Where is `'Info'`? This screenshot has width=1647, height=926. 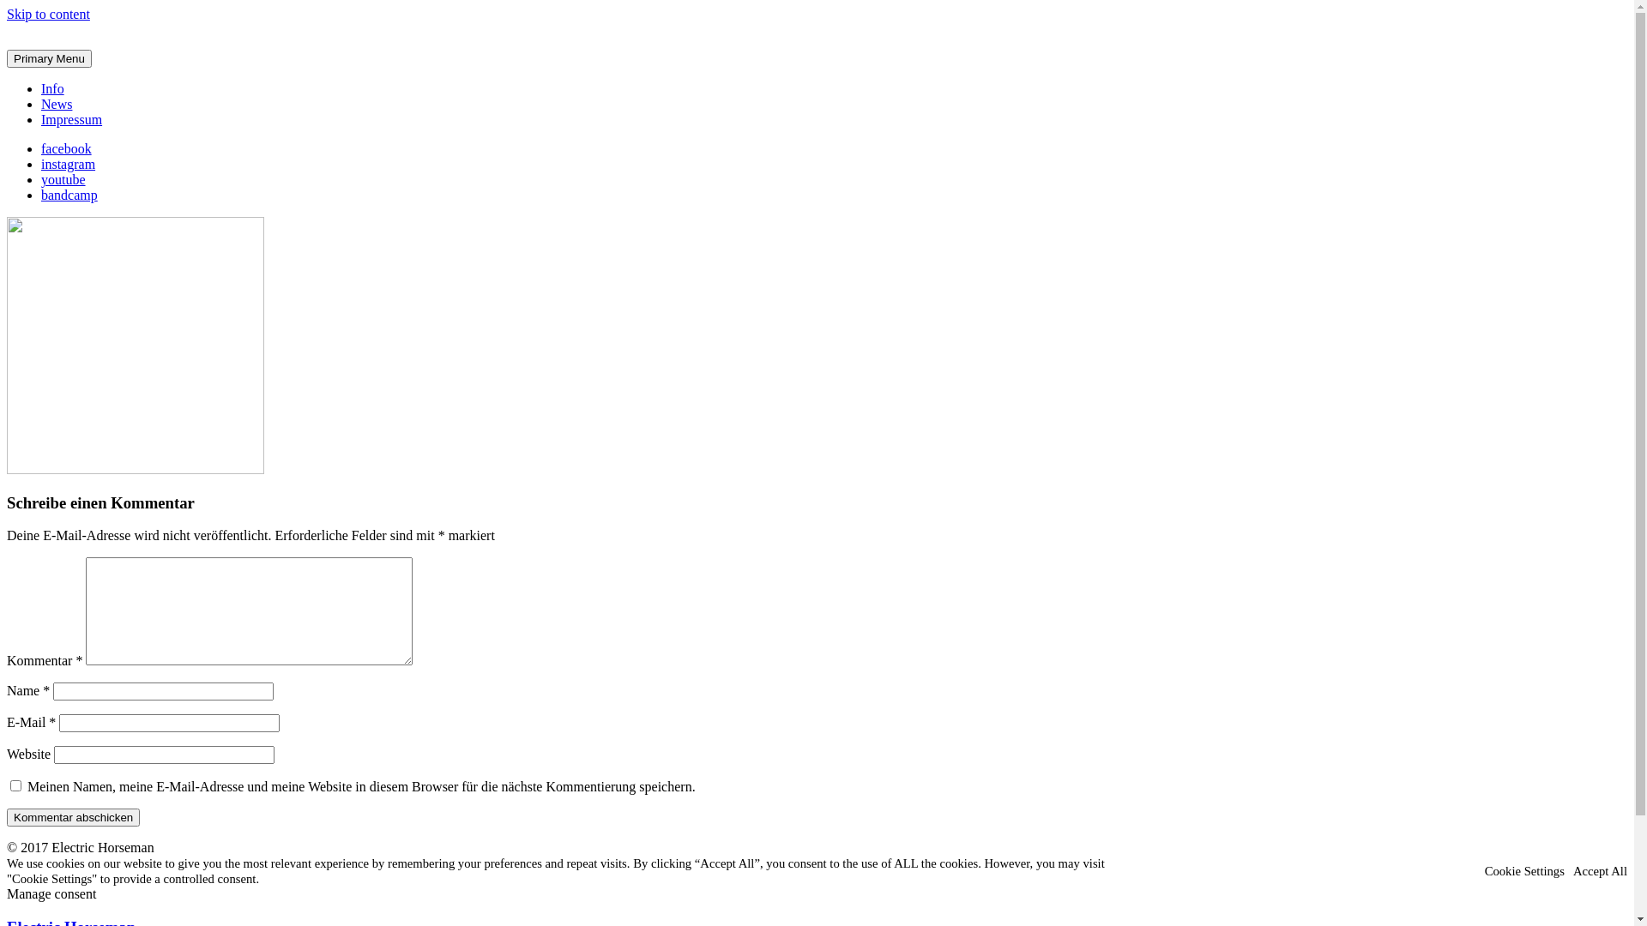
'Info' is located at coordinates (52, 88).